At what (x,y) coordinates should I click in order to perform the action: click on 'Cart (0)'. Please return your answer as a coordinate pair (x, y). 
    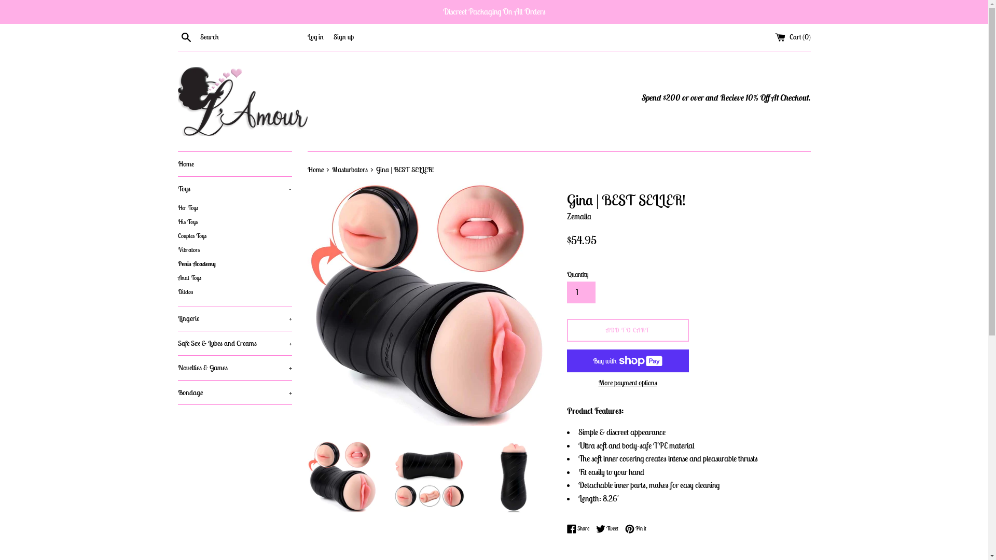
    Looking at the image, I should click on (792, 36).